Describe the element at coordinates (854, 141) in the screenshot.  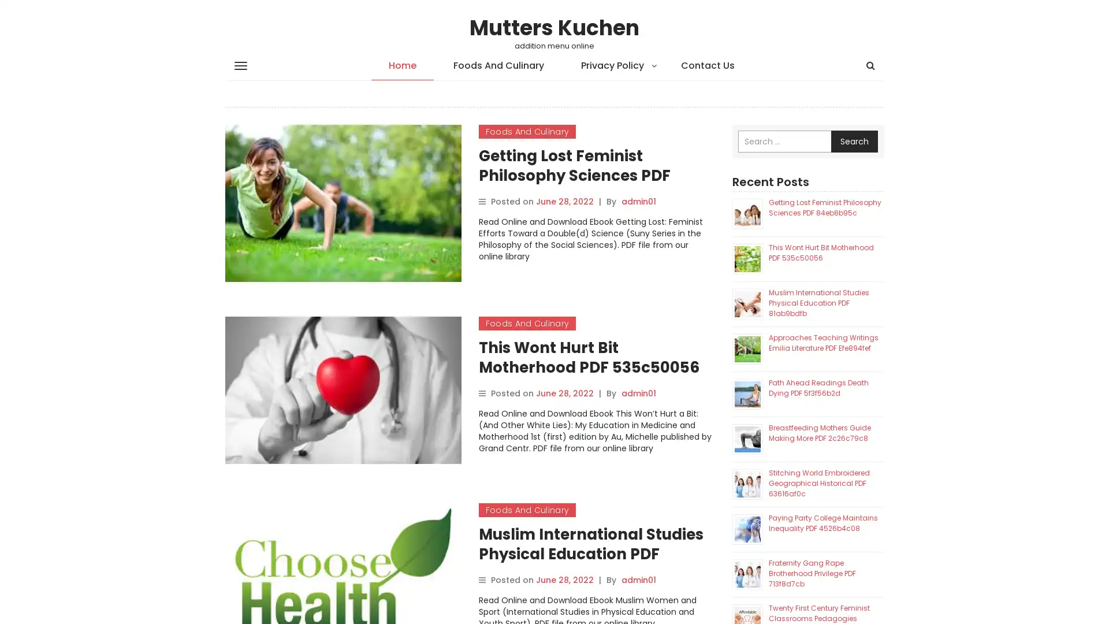
I see `Search` at that location.